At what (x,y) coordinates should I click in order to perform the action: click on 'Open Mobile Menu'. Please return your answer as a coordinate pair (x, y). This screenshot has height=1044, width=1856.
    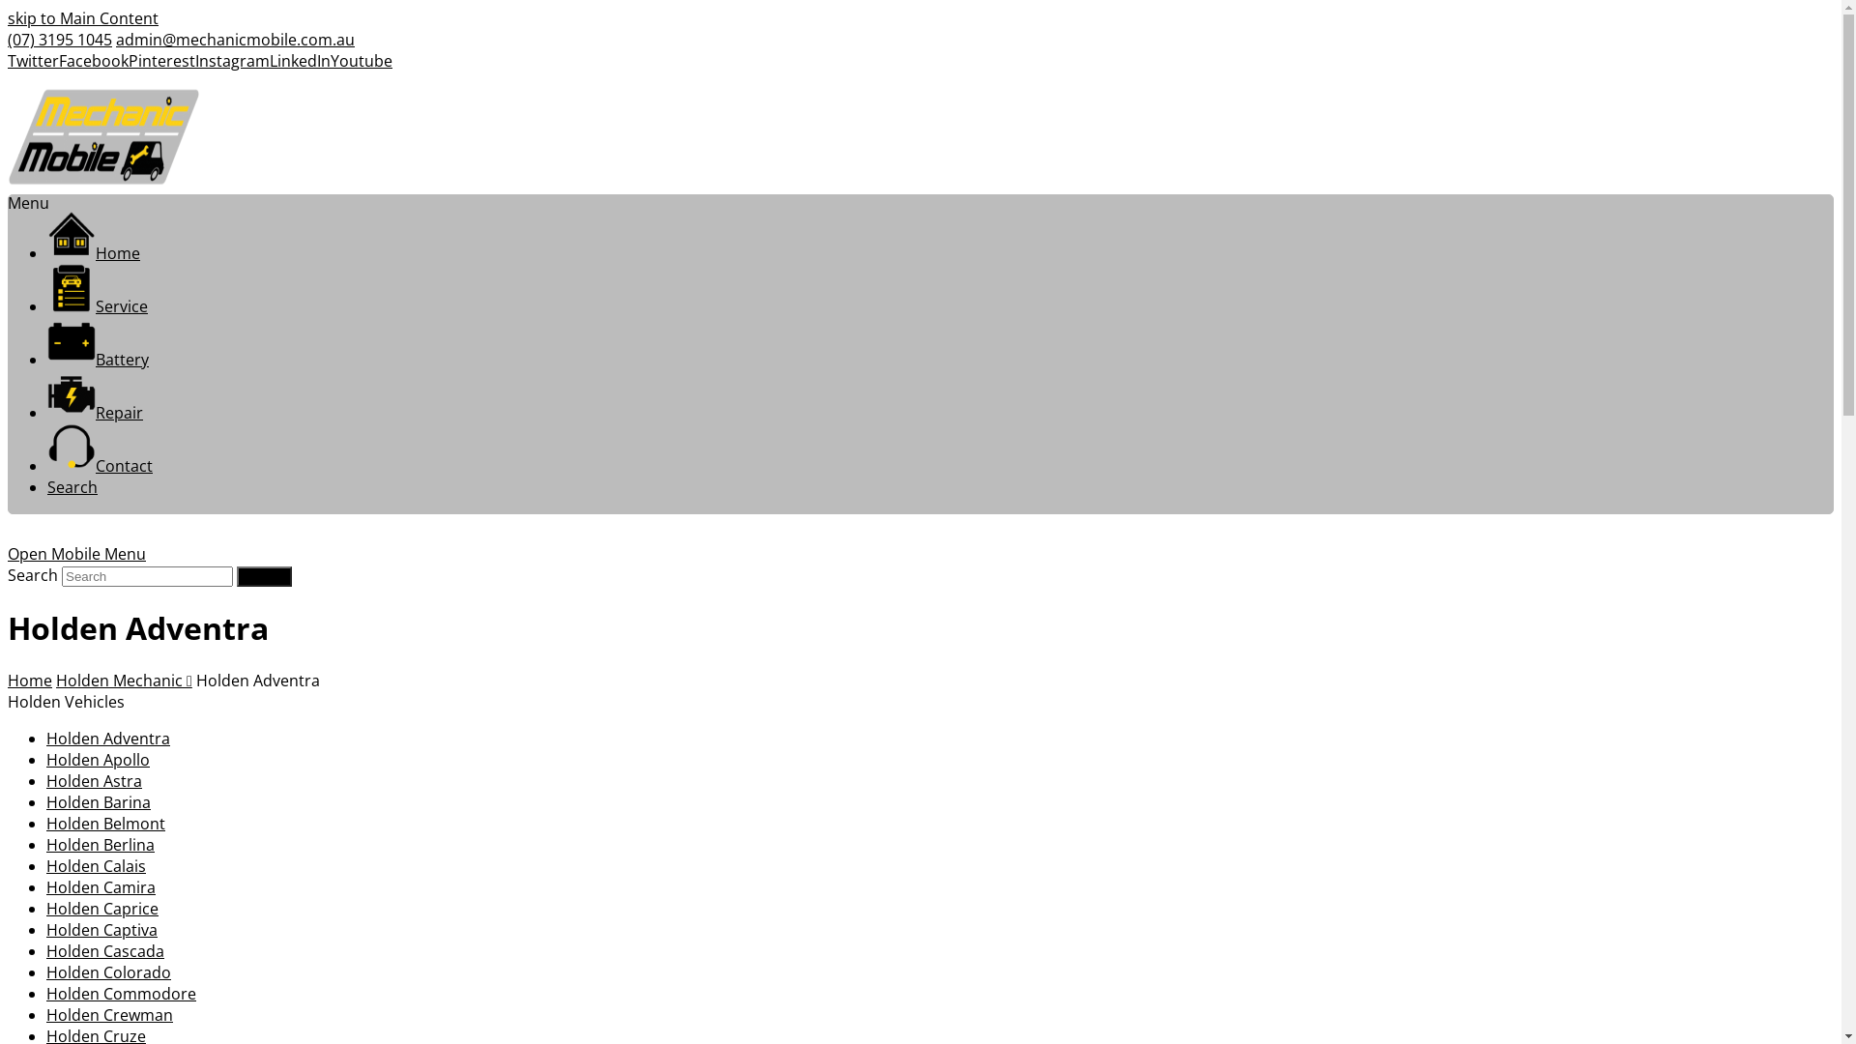
    Looking at the image, I should click on (76, 554).